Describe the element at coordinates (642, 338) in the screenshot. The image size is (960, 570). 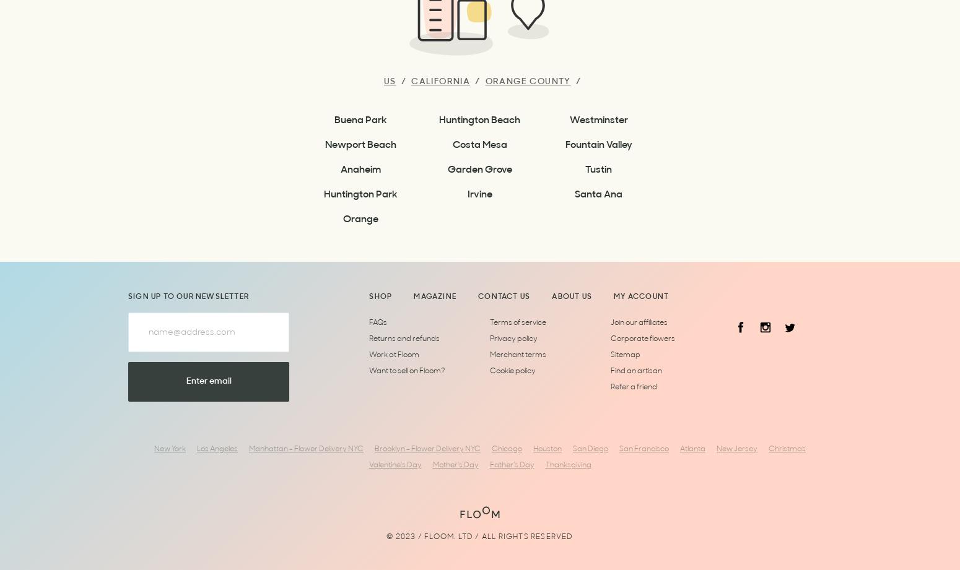
I see `'Corporate flowers'` at that location.